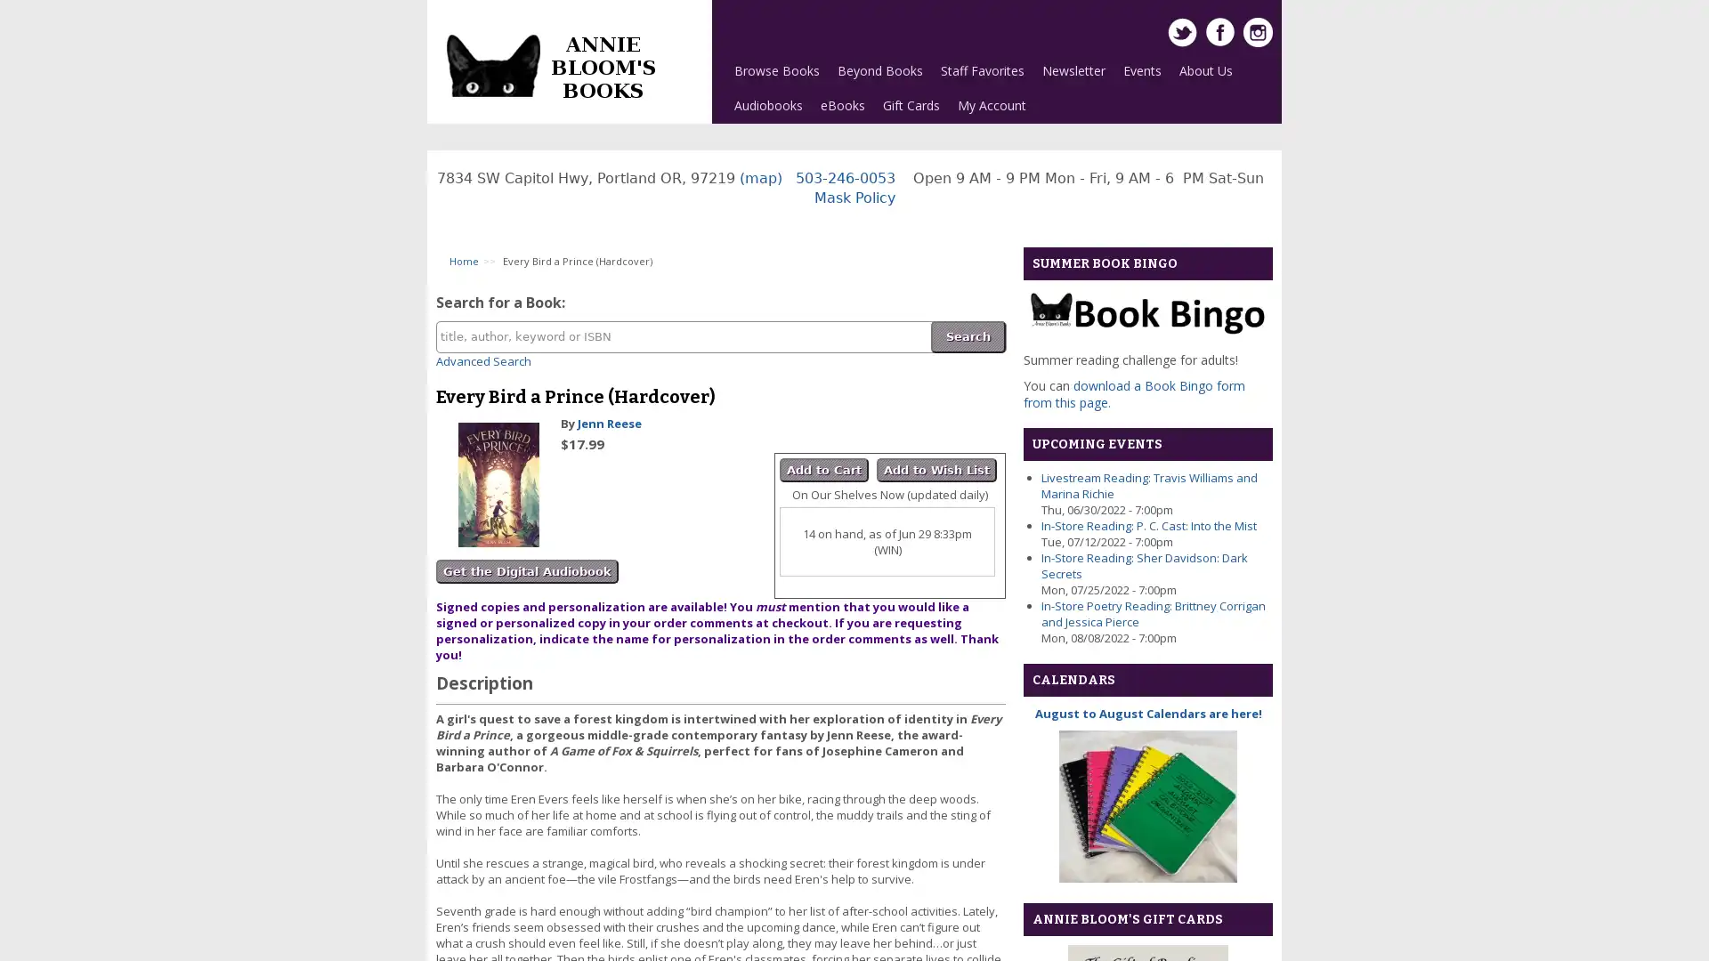  What do you see at coordinates (968, 336) in the screenshot?
I see `Search` at bounding box center [968, 336].